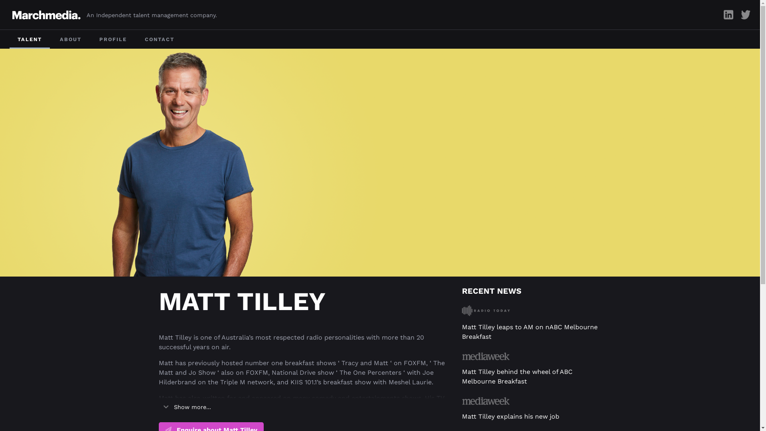 This screenshot has height=431, width=766. I want to click on 'Show more...', so click(187, 407).